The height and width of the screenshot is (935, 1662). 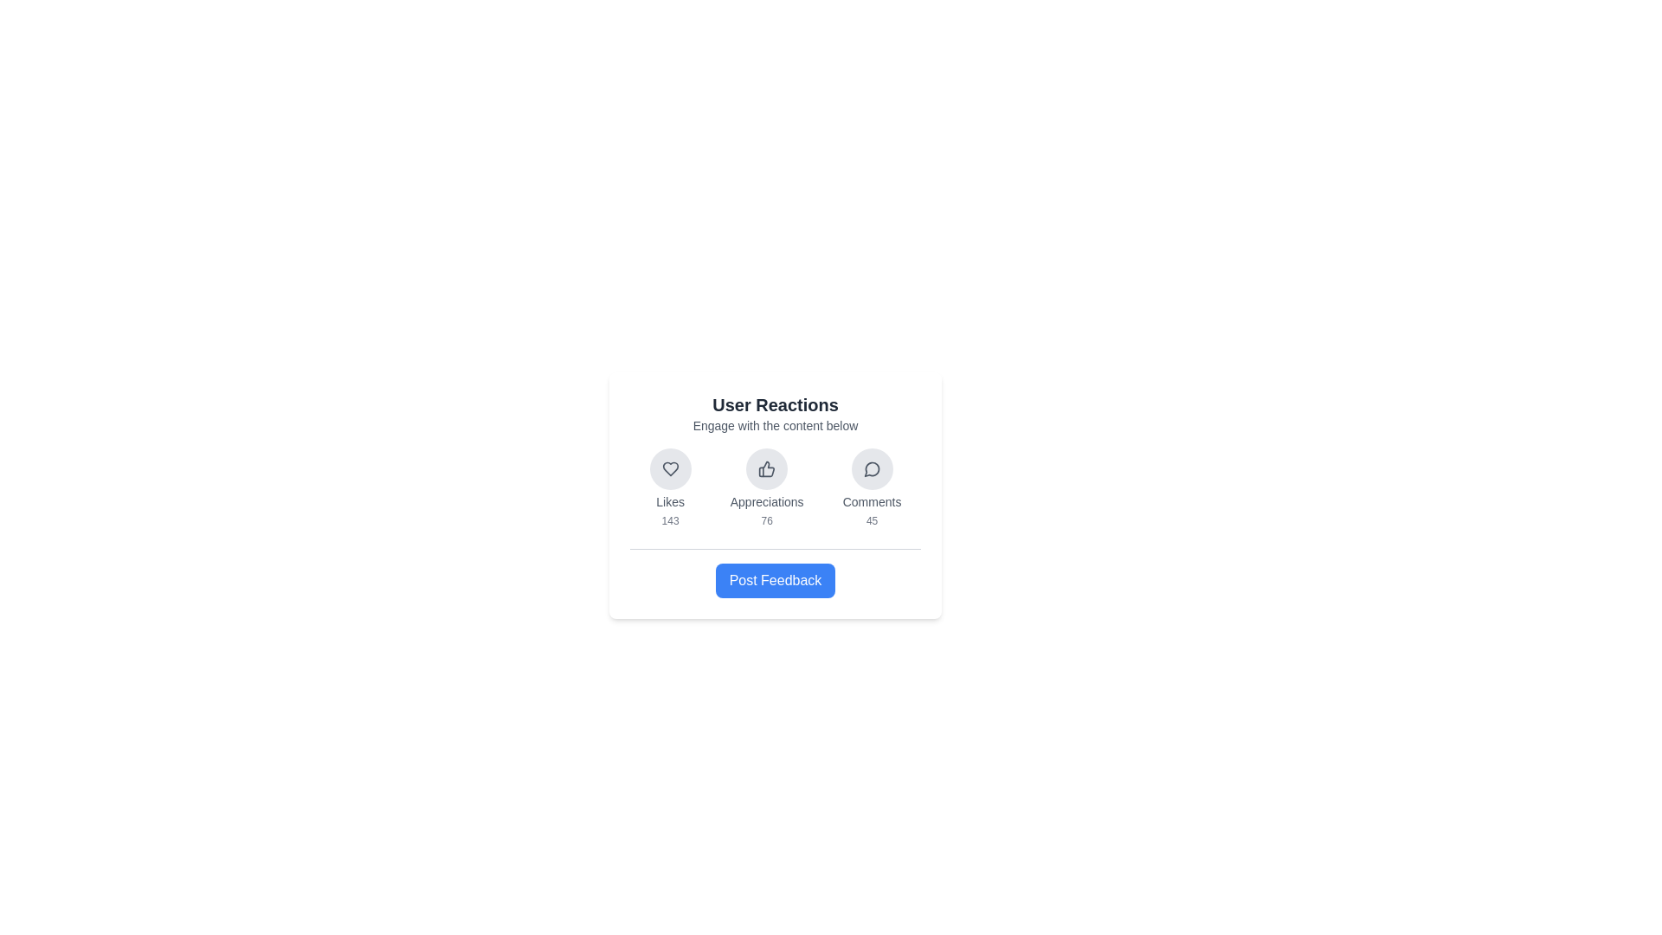 I want to click on the heart-shaped button labeled 'Likes' with the counter '143', so click(x=669, y=487).